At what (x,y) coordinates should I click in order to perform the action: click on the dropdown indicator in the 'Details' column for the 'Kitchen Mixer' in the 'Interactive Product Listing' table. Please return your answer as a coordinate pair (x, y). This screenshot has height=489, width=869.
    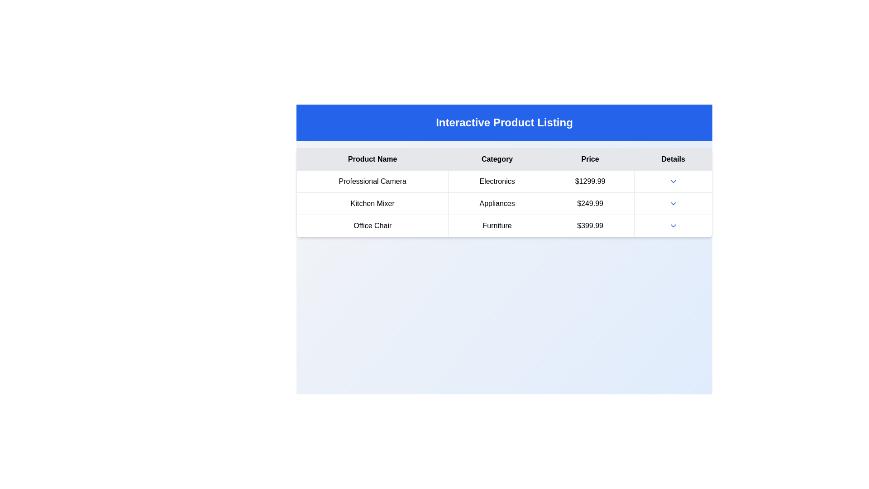
    Looking at the image, I should click on (673, 204).